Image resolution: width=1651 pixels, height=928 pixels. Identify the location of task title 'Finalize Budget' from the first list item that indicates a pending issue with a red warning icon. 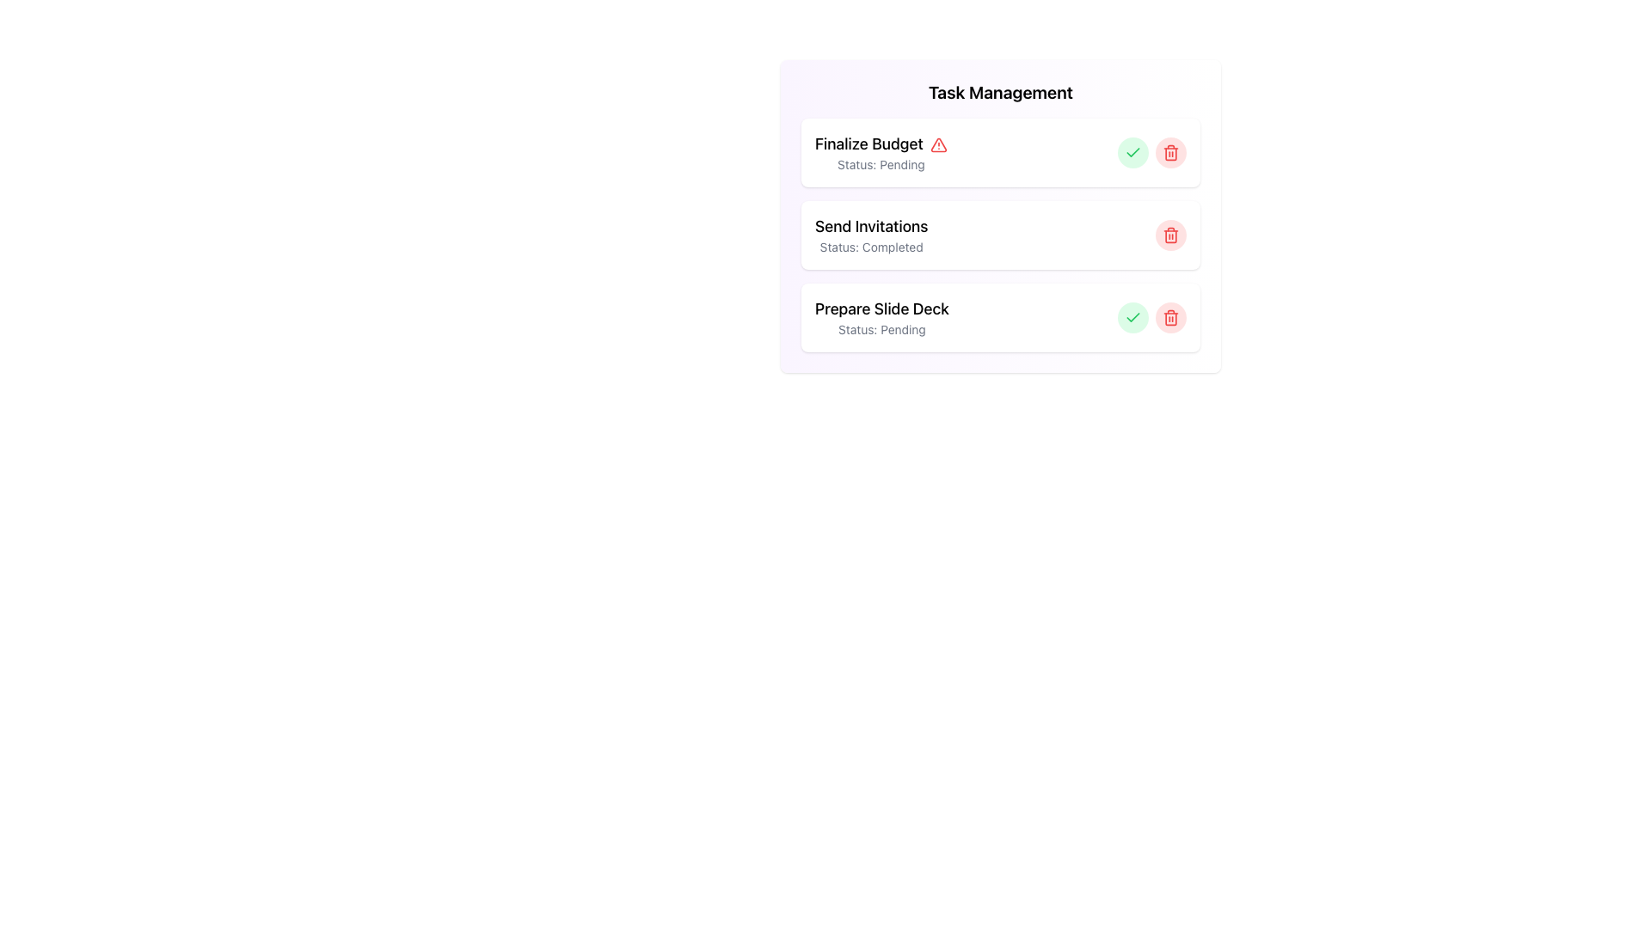
(881, 151).